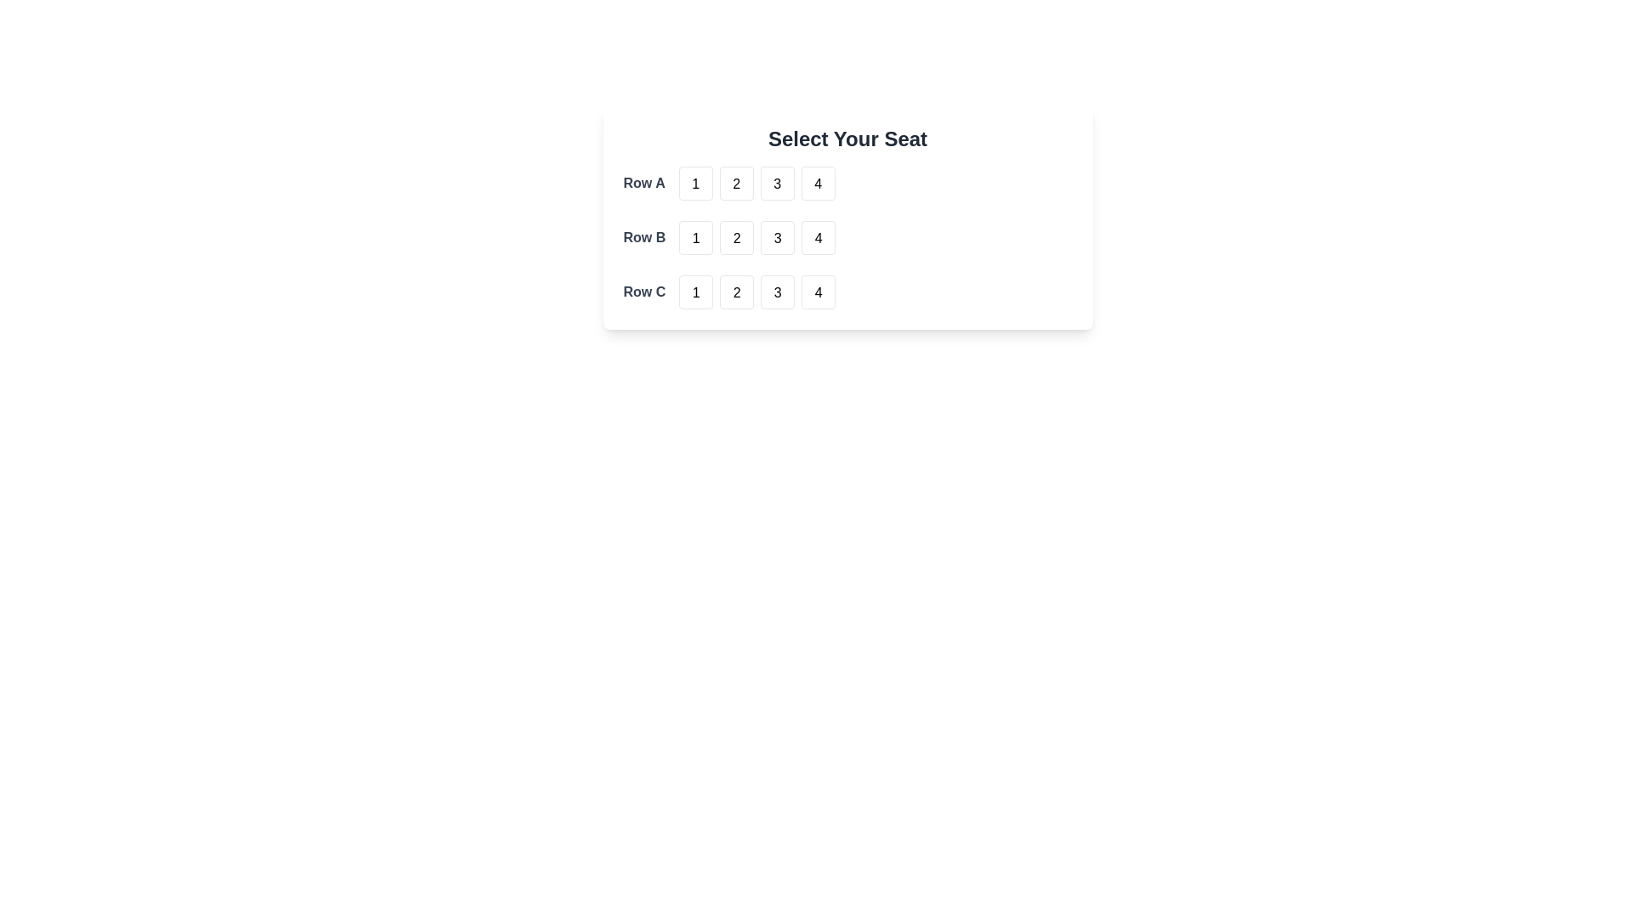 The height and width of the screenshot is (918, 1632). I want to click on the square-shaped button with rounded borders containing the text '3', located in the middle row 'Row B' under 'Select Your Seat', so click(777, 238).